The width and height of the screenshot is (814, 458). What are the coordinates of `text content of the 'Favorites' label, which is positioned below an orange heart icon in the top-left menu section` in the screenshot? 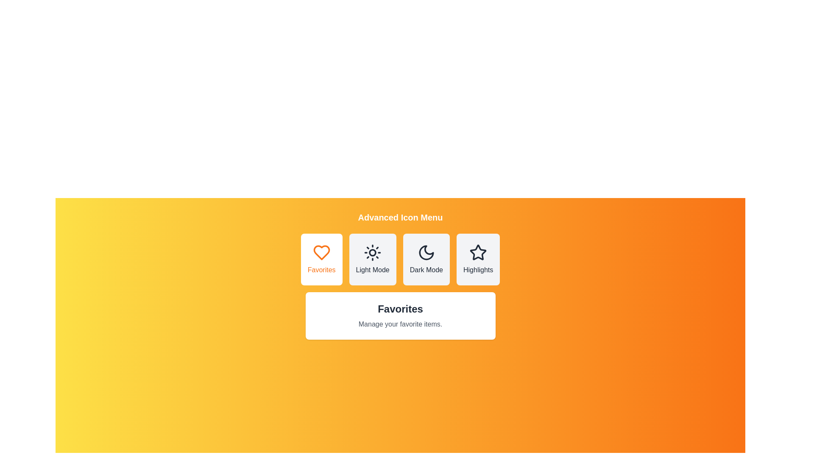 It's located at (321, 270).